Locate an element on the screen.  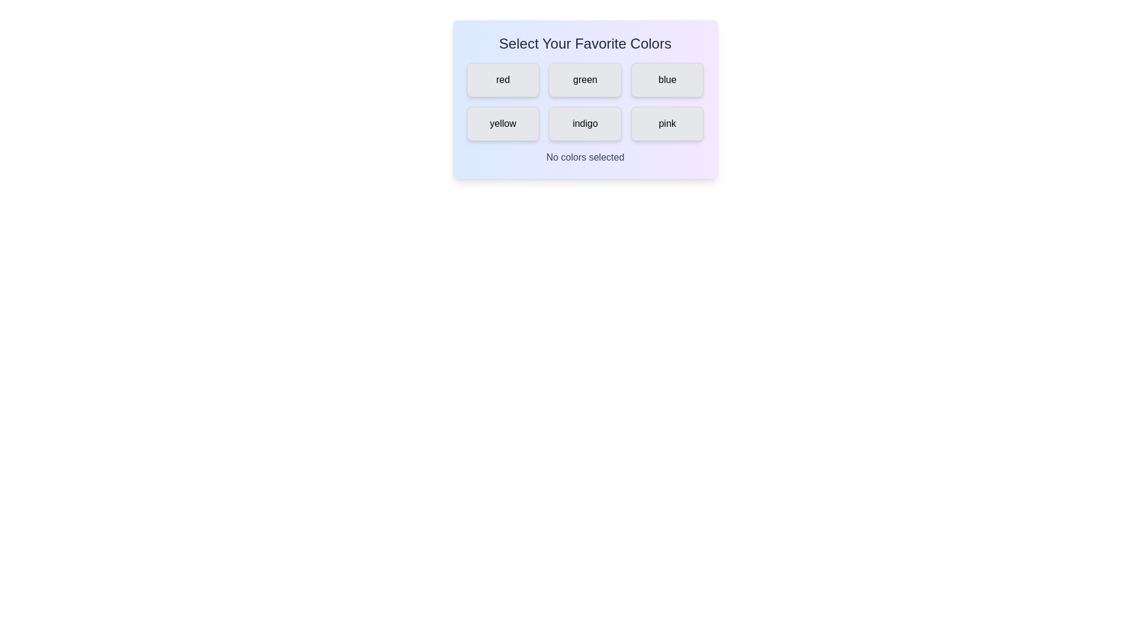
the color tag labeled green to select it is located at coordinates (585, 80).